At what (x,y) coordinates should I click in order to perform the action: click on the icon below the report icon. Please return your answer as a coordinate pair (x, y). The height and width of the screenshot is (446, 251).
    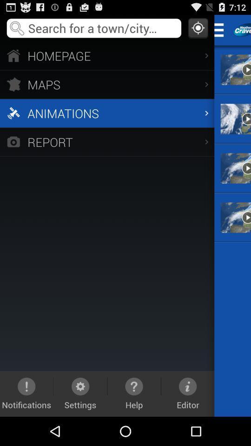
    Looking at the image, I should click on (26, 393).